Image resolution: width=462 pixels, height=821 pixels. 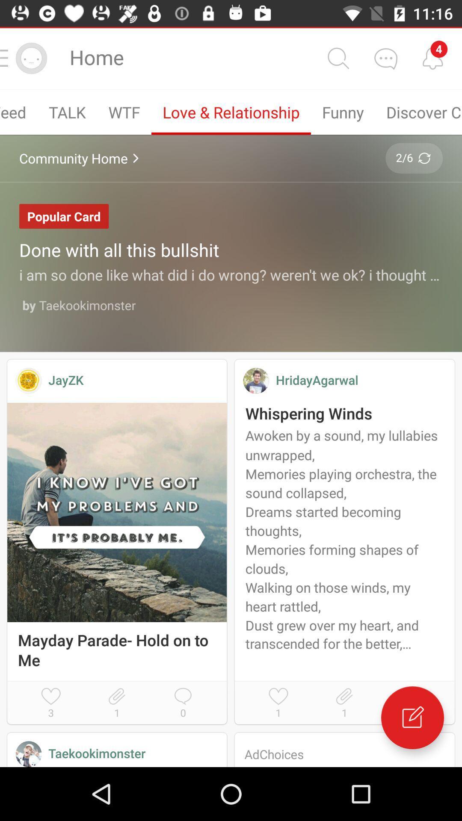 What do you see at coordinates (432, 58) in the screenshot?
I see `the notifications icon` at bounding box center [432, 58].